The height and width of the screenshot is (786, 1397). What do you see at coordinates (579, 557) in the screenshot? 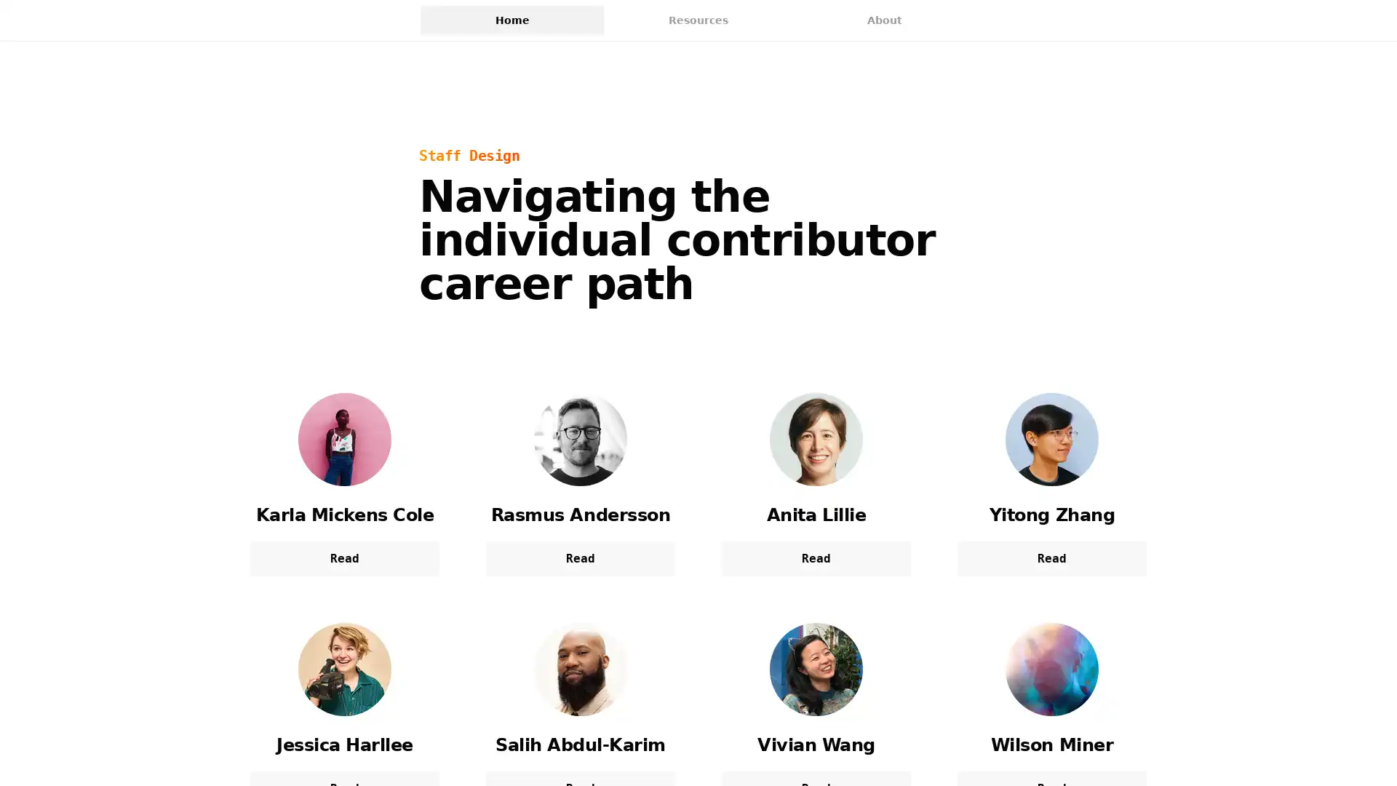
I see `Read` at bounding box center [579, 557].